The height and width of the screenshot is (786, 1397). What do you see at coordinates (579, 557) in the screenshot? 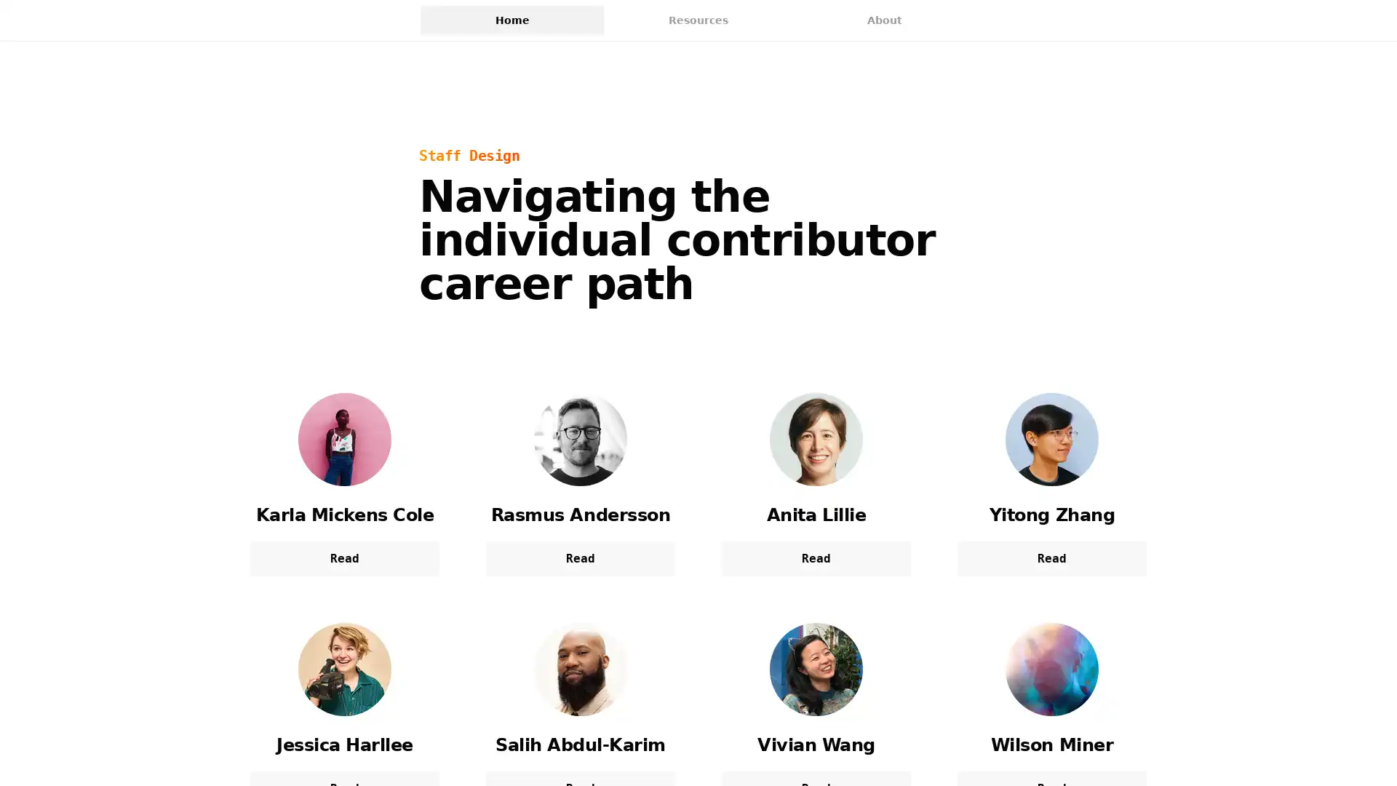
I see `Read` at bounding box center [579, 557].